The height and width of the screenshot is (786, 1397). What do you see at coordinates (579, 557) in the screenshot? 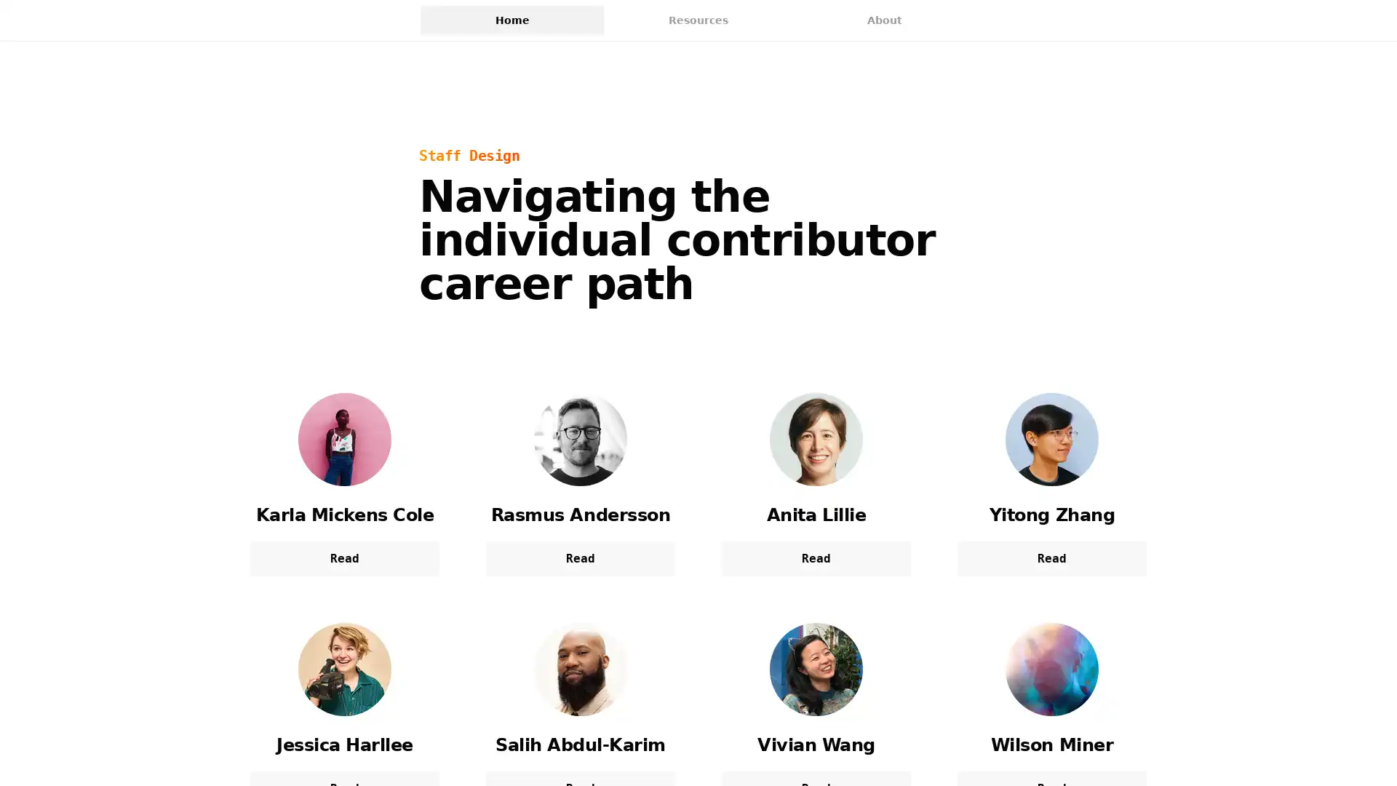
I see `Read` at bounding box center [579, 557].